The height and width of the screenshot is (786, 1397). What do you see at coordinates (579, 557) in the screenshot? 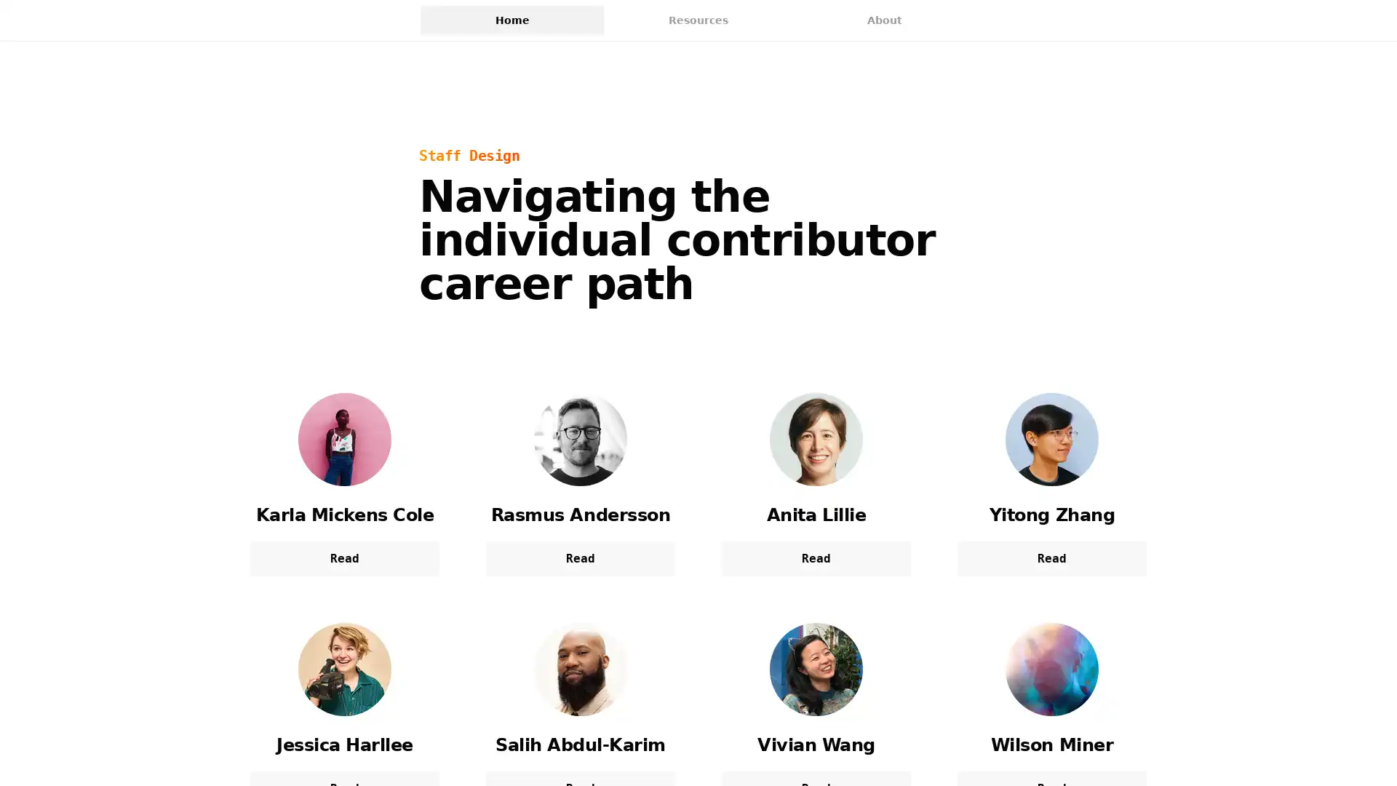
I see `Read` at bounding box center [579, 557].